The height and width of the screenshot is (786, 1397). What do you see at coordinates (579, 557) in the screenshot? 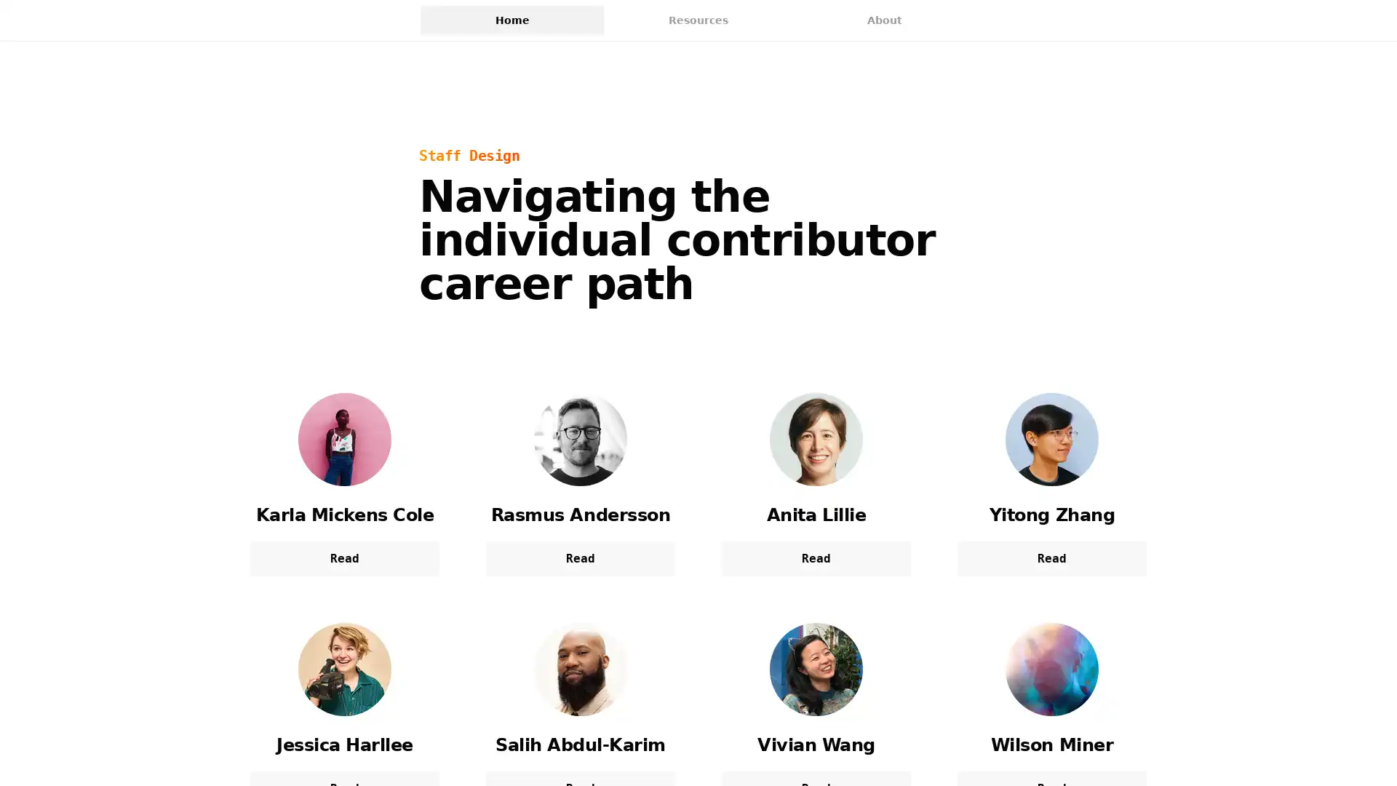
I see `Read` at bounding box center [579, 557].